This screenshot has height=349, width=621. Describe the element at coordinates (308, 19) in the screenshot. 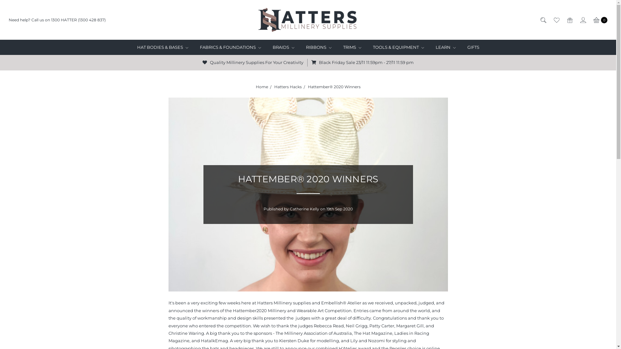

I see `'Hatters Millinery Supplies'` at that location.